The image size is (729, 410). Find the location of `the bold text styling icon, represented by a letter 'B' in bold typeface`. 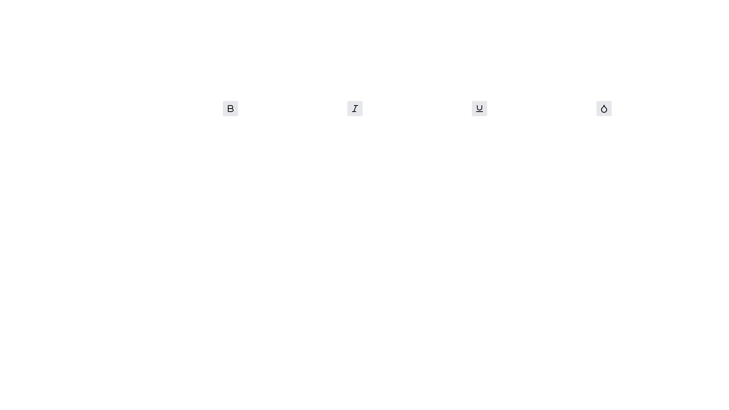

the bold text styling icon, represented by a letter 'B' in bold typeface is located at coordinates (230, 108).